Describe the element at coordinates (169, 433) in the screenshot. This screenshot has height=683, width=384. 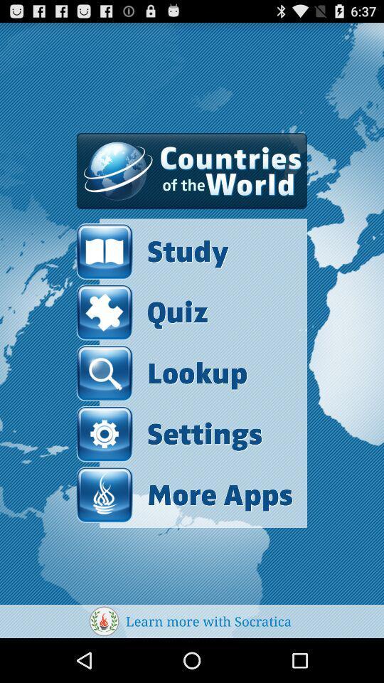
I see `settings` at that location.